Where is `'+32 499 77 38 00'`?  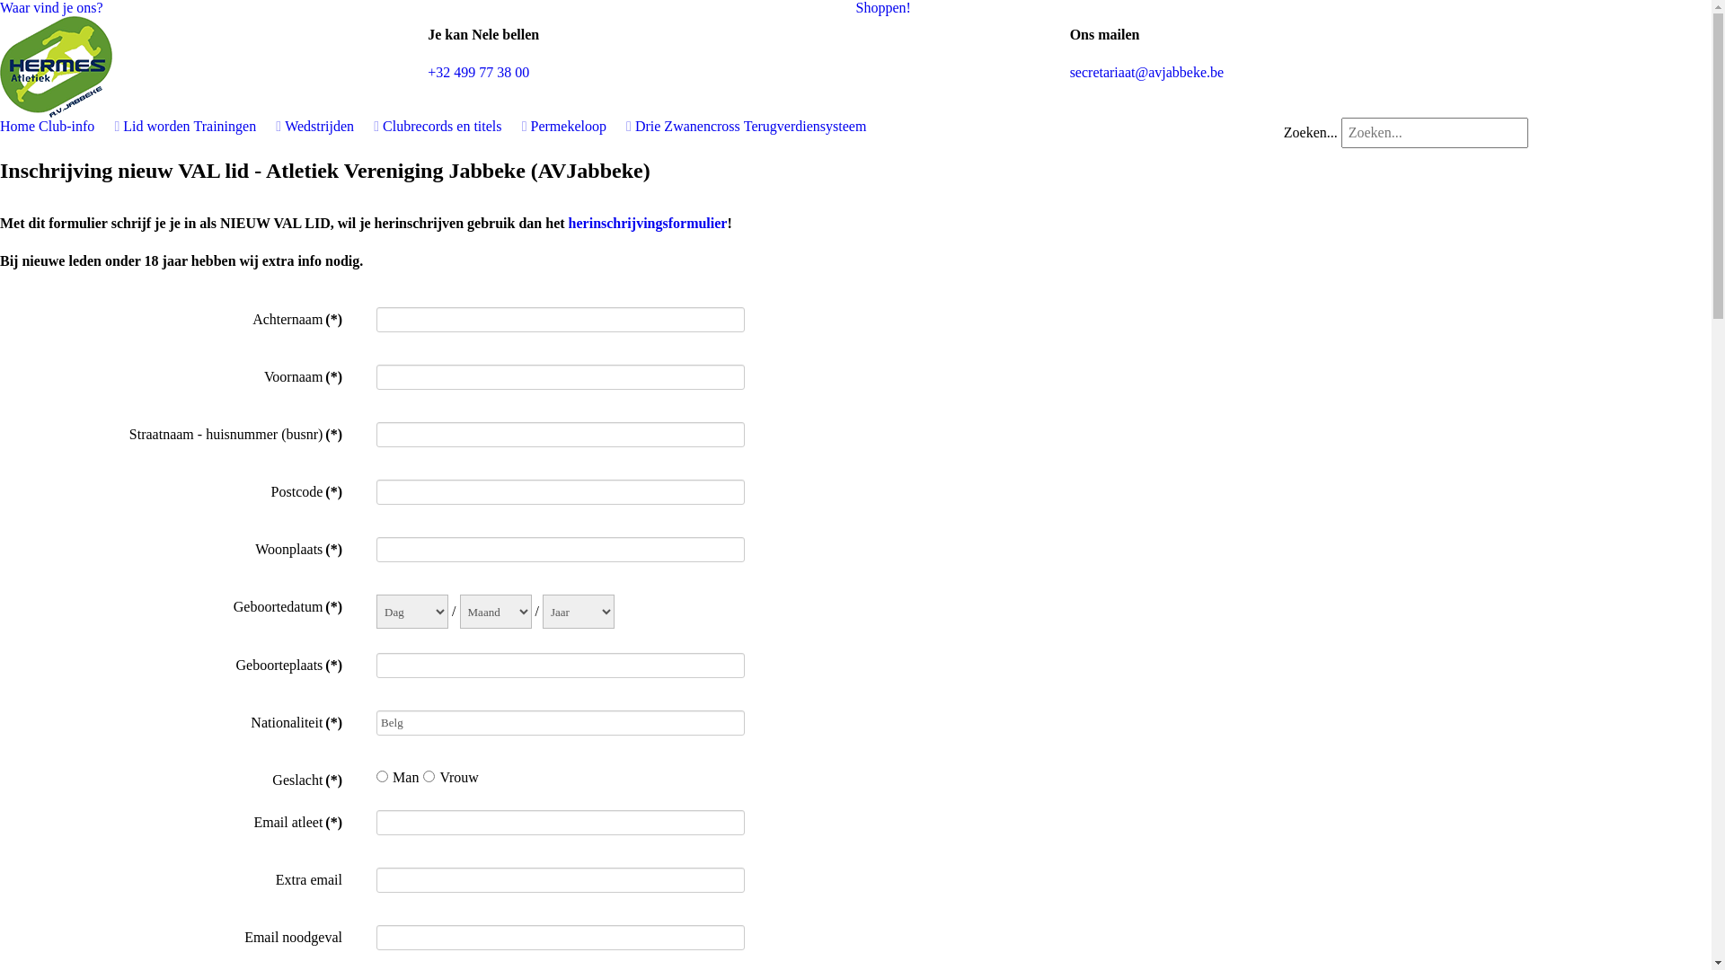
'+32 499 77 38 00' is located at coordinates (426, 71).